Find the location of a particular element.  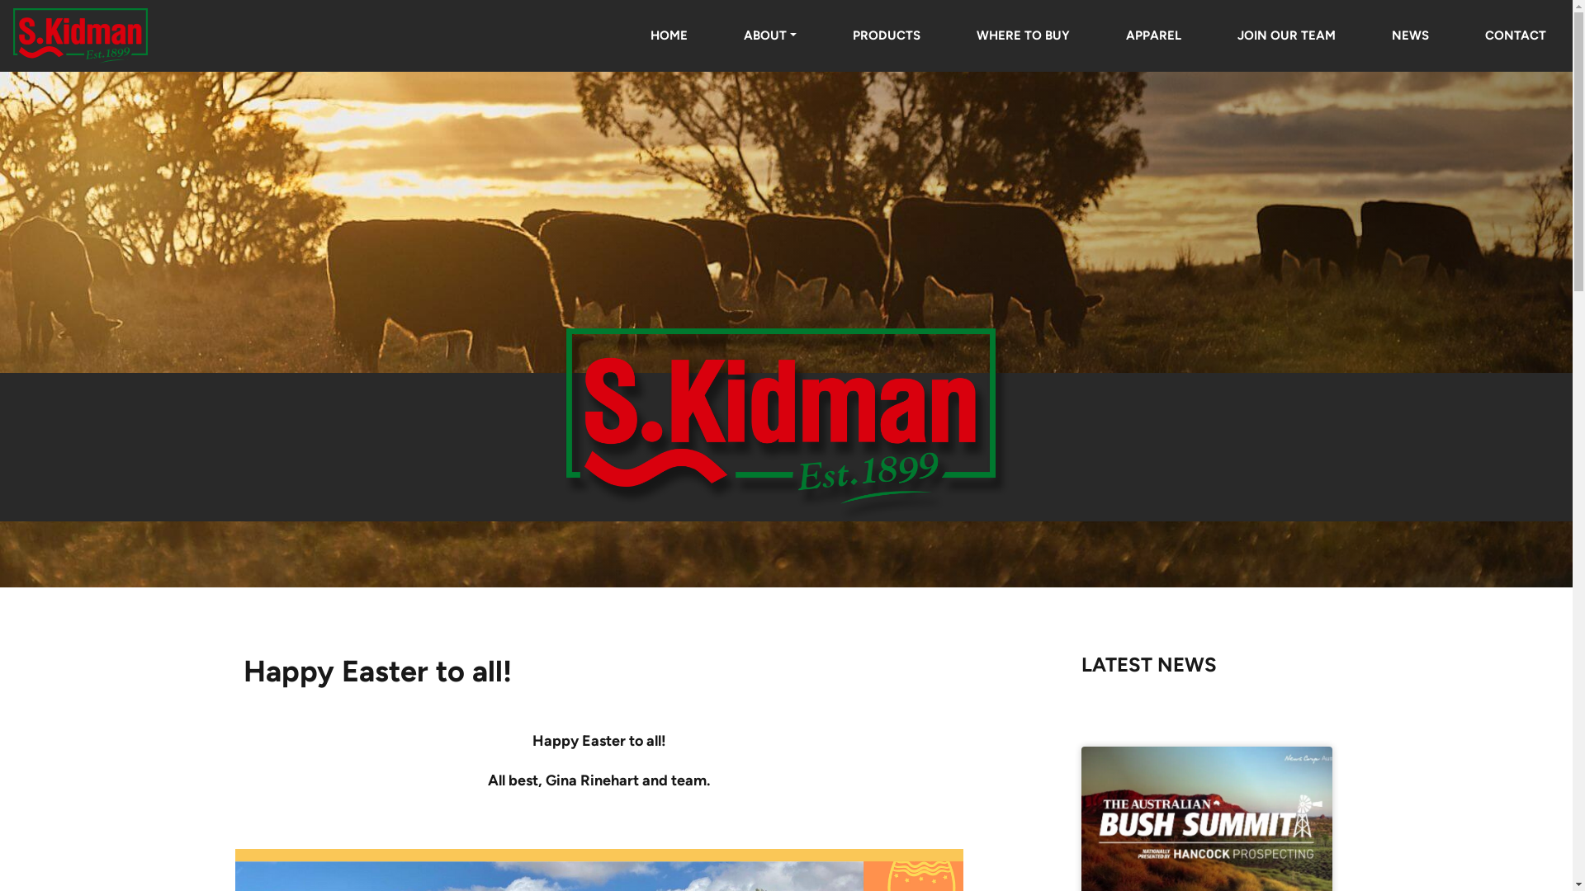

'WHERE TO BUY' is located at coordinates (1022, 35).